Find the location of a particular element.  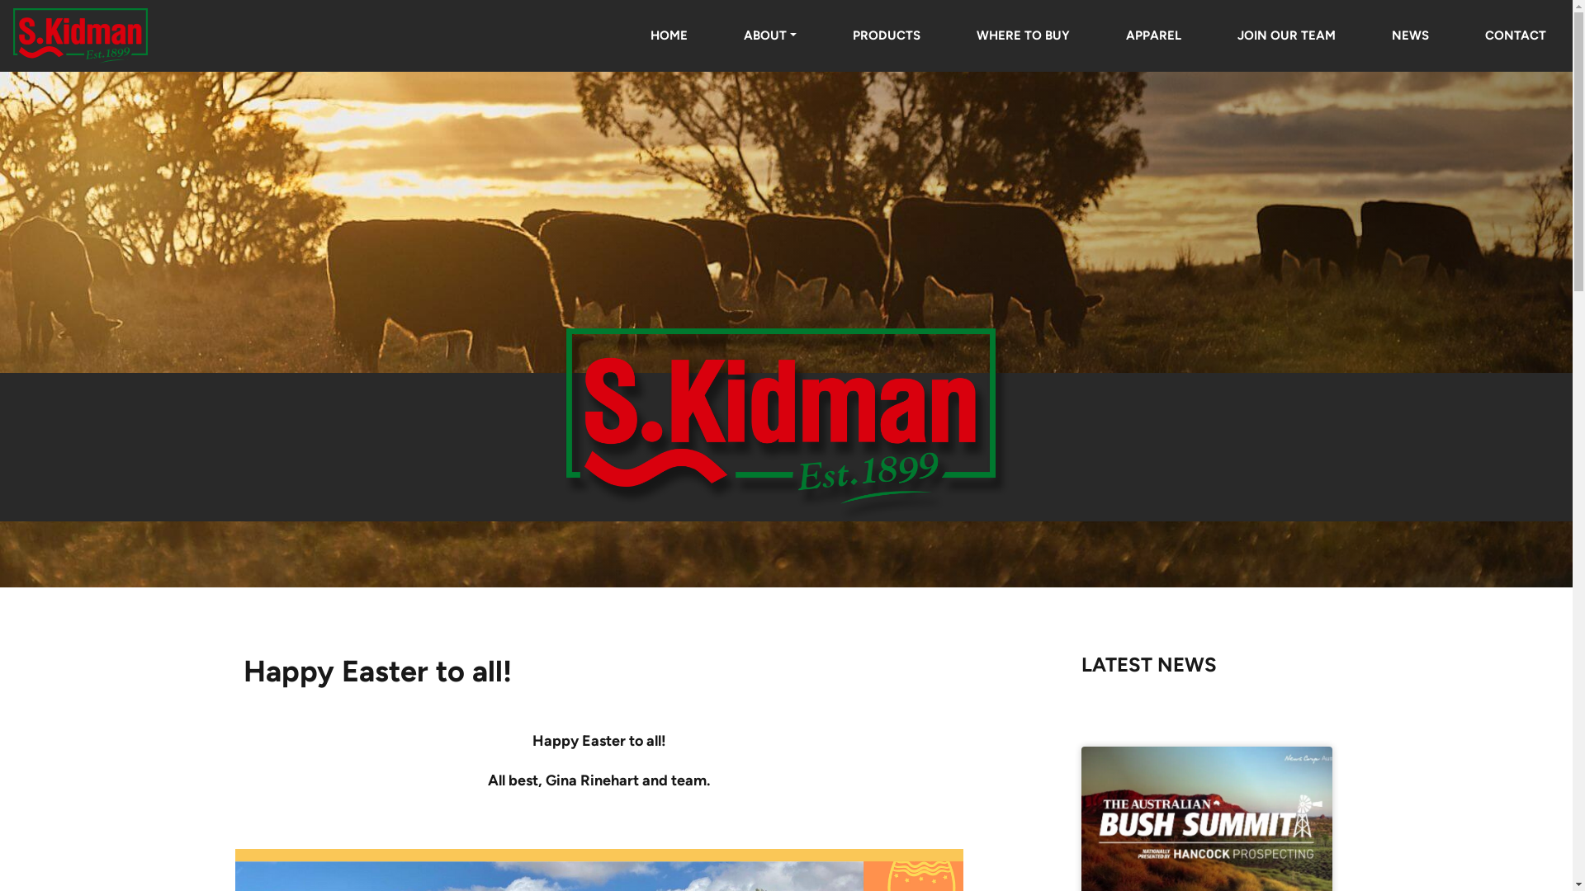

'WHERE TO BUY' is located at coordinates (1022, 35).